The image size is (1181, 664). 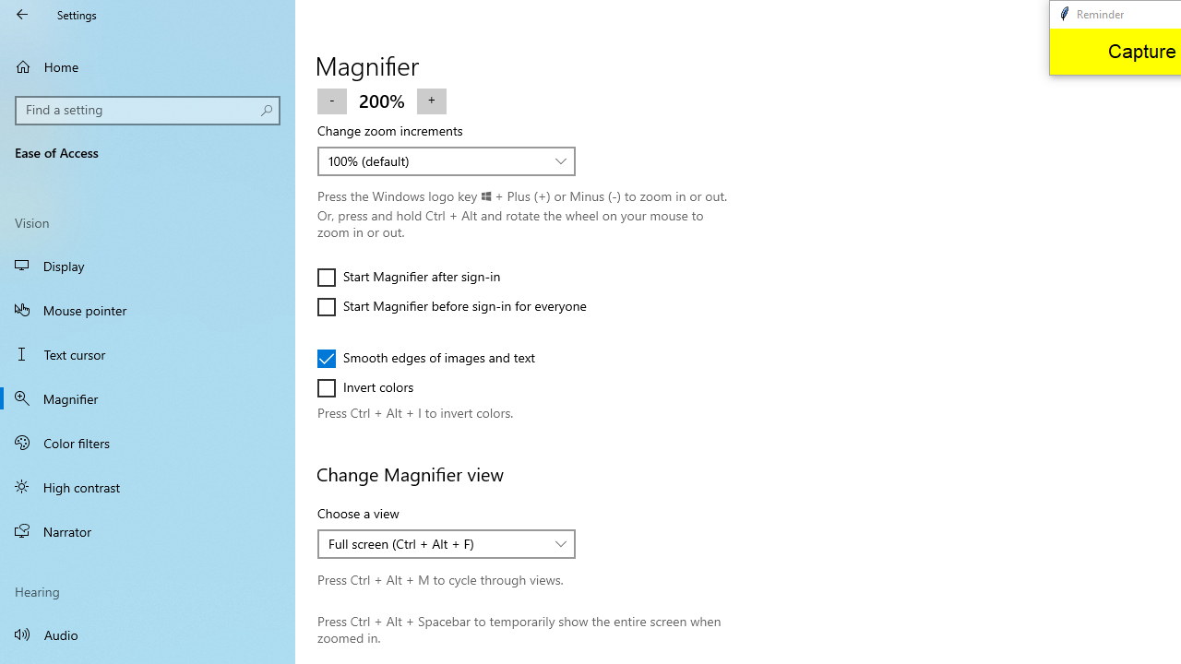 What do you see at coordinates (447, 543) in the screenshot?
I see `'Choose a view'` at bounding box center [447, 543].